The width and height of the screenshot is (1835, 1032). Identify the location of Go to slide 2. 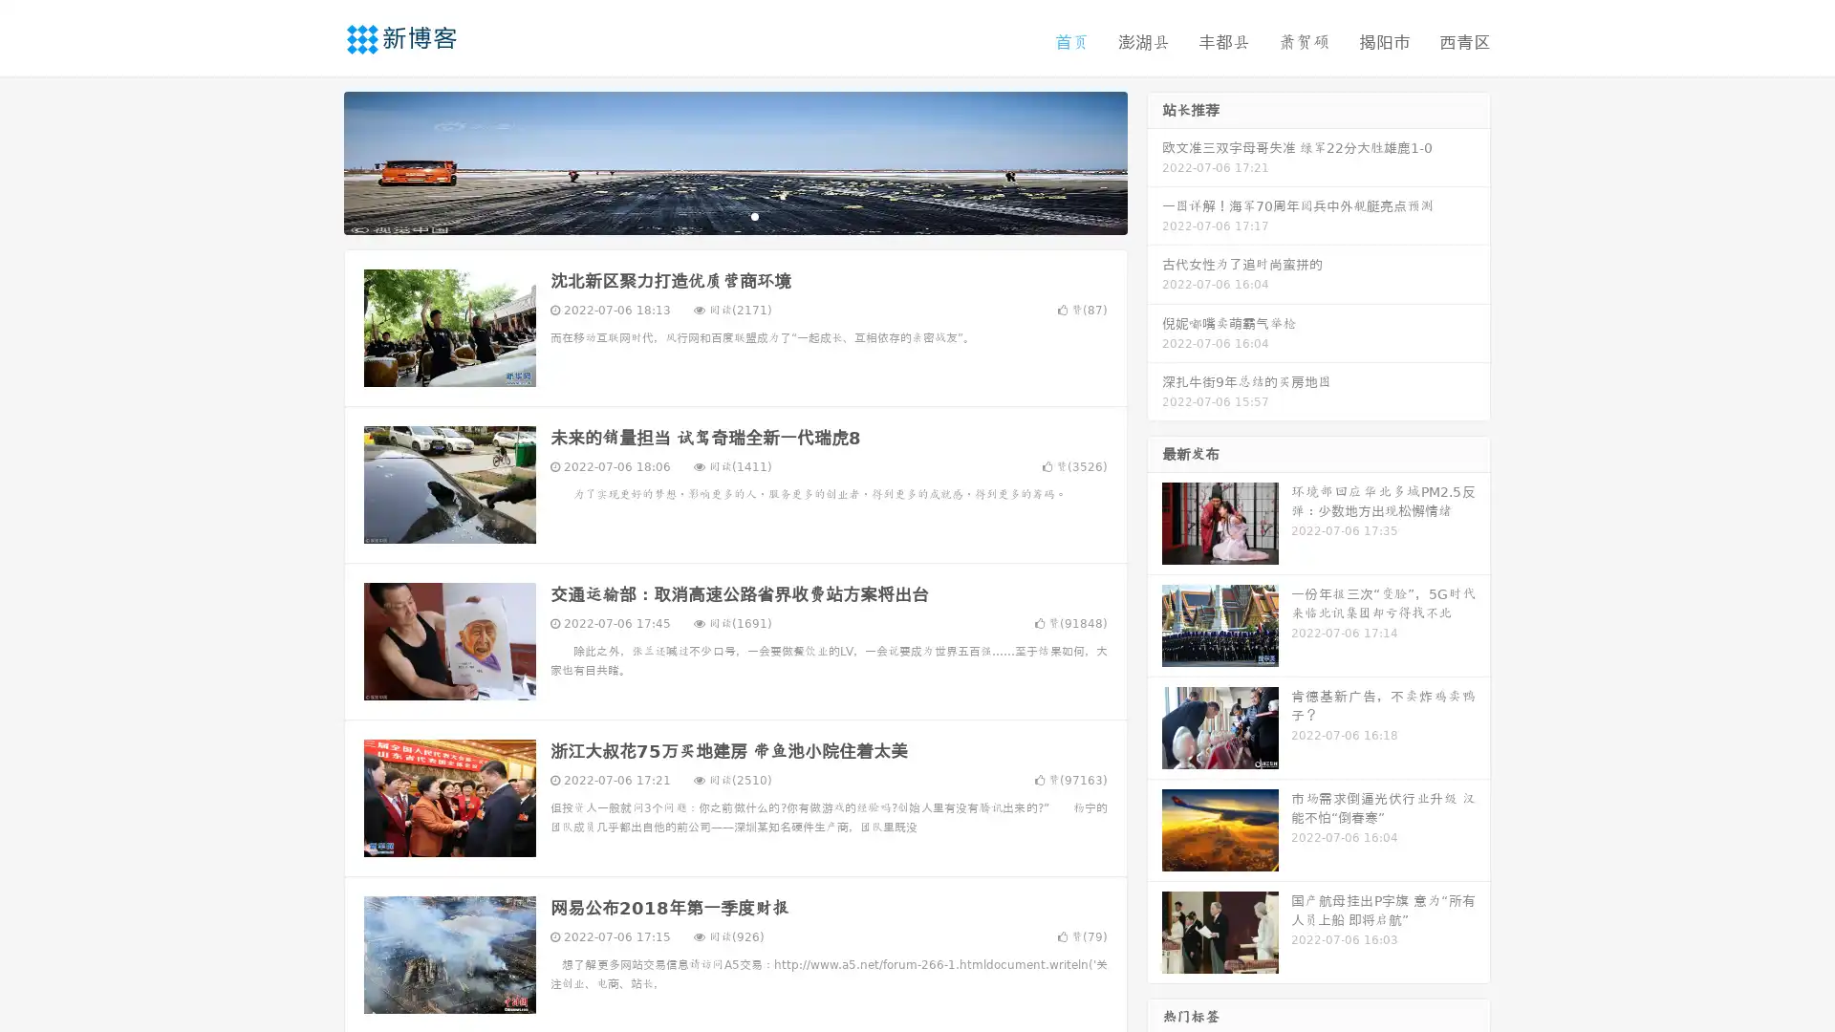
(734, 215).